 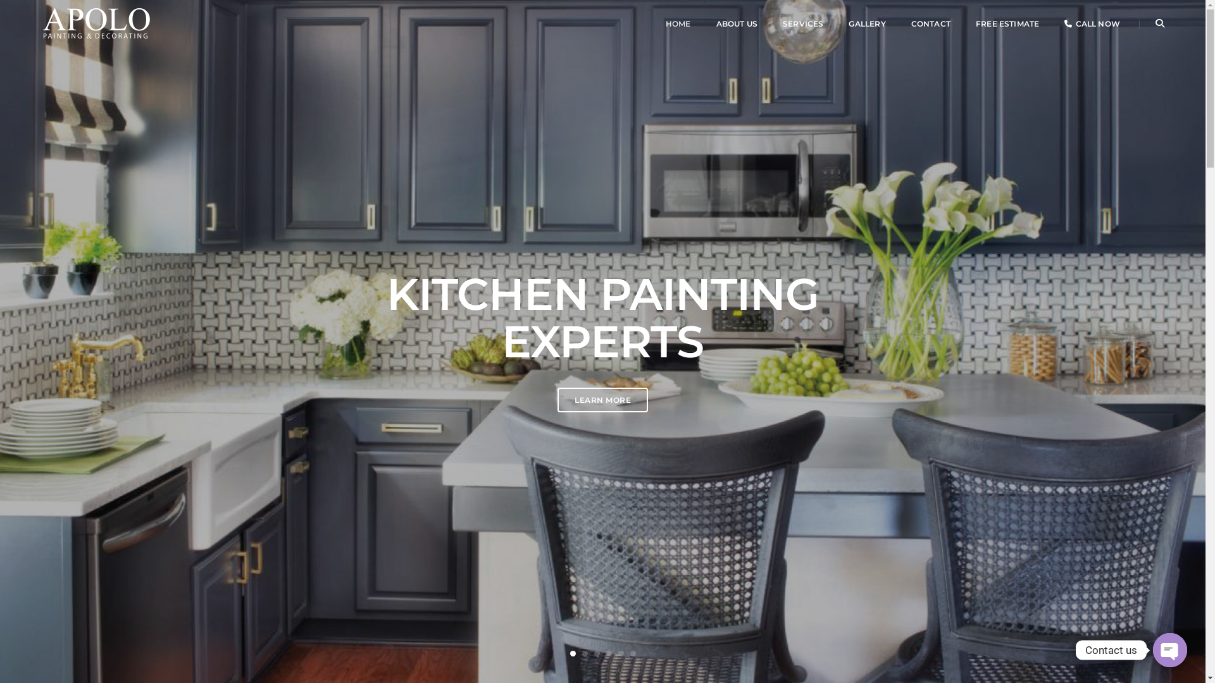 I want to click on 'FREE ESTIMATE', so click(x=1007, y=24).